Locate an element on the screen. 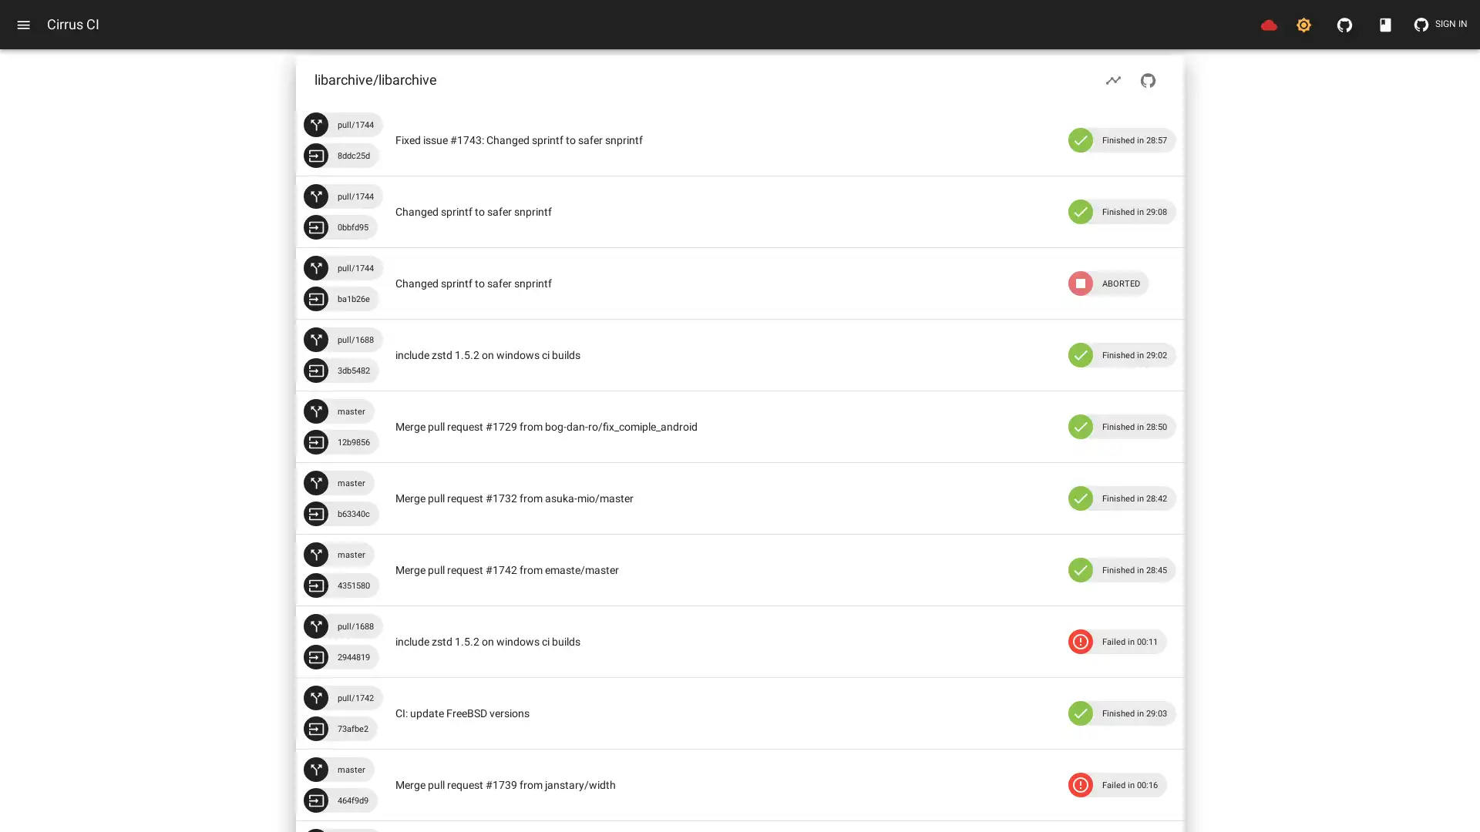 This screenshot has width=1480, height=832. master is located at coordinates (338, 555).